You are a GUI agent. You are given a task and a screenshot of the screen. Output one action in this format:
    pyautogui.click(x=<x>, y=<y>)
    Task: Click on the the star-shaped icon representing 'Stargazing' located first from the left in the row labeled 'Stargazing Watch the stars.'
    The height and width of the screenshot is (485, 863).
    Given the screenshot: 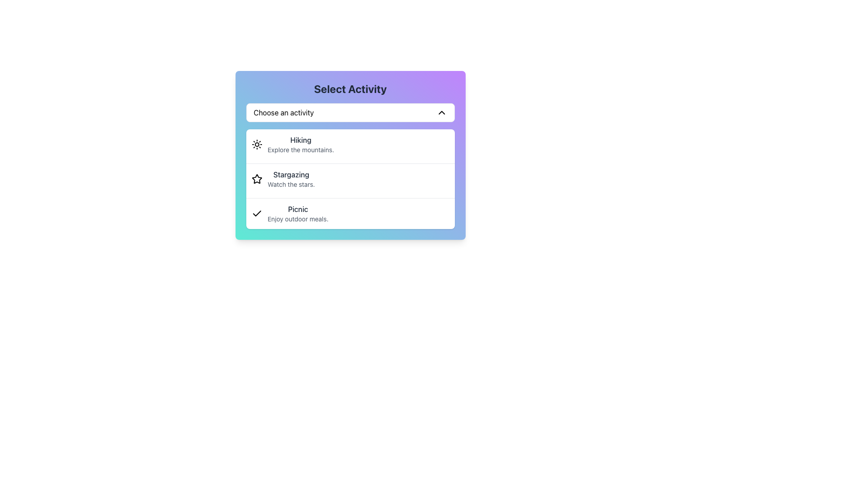 What is the action you would take?
    pyautogui.click(x=256, y=179)
    